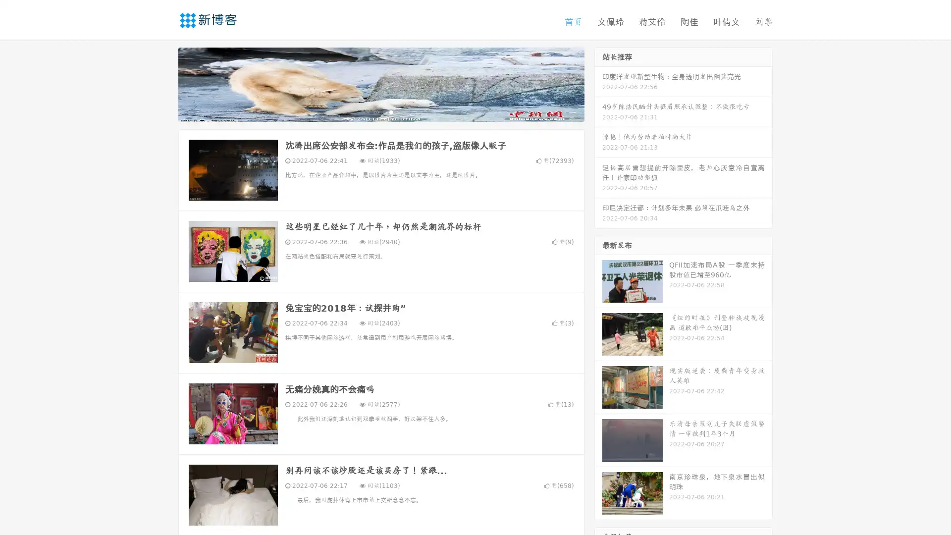 The width and height of the screenshot is (951, 535). I want to click on Go to slide 1, so click(370, 111).